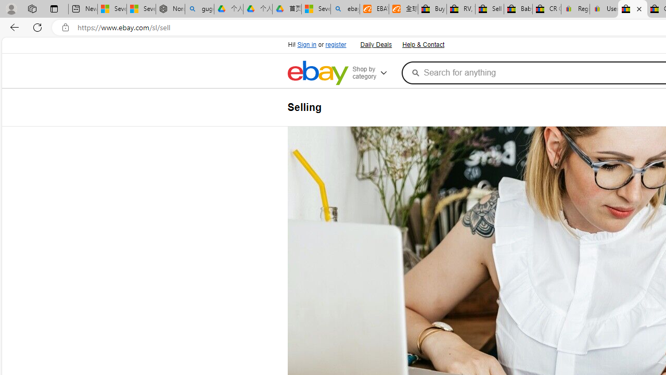 The width and height of the screenshot is (666, 375). I want to click on 'Help & Contact', so click(423, 45).